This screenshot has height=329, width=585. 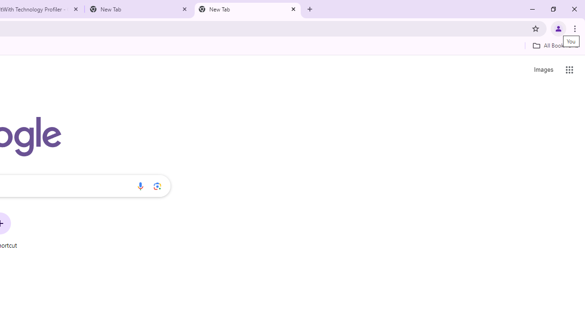 I want to click on 'Search for Images ', so click(x=543, y=69).